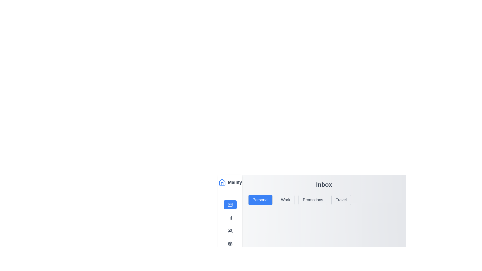 The height and width of the screenshot is (271, 482). What do you see at coordinates (230, 231) in the screenshot?
I see `the third interactive button on the left-hand side of the interface` at bounding box center [230, 231].